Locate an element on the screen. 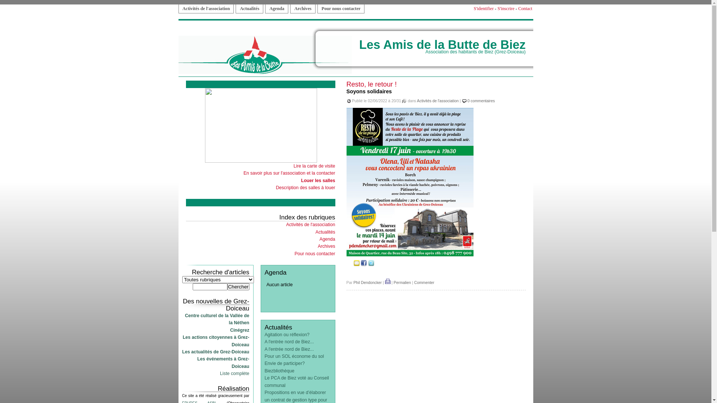 The width and height of the screenshot is (717, 403). 'S'identifier' is located at coordinates (484, 9).